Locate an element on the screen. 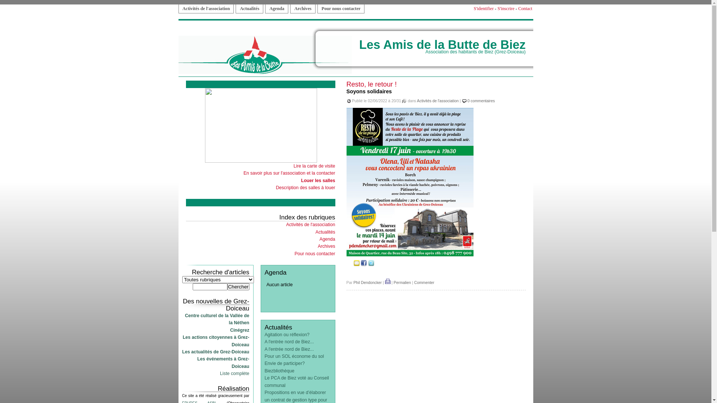 The width and height of the screenshot is (717, 403). 'S'identifier' is located at coordinates (484, 9).